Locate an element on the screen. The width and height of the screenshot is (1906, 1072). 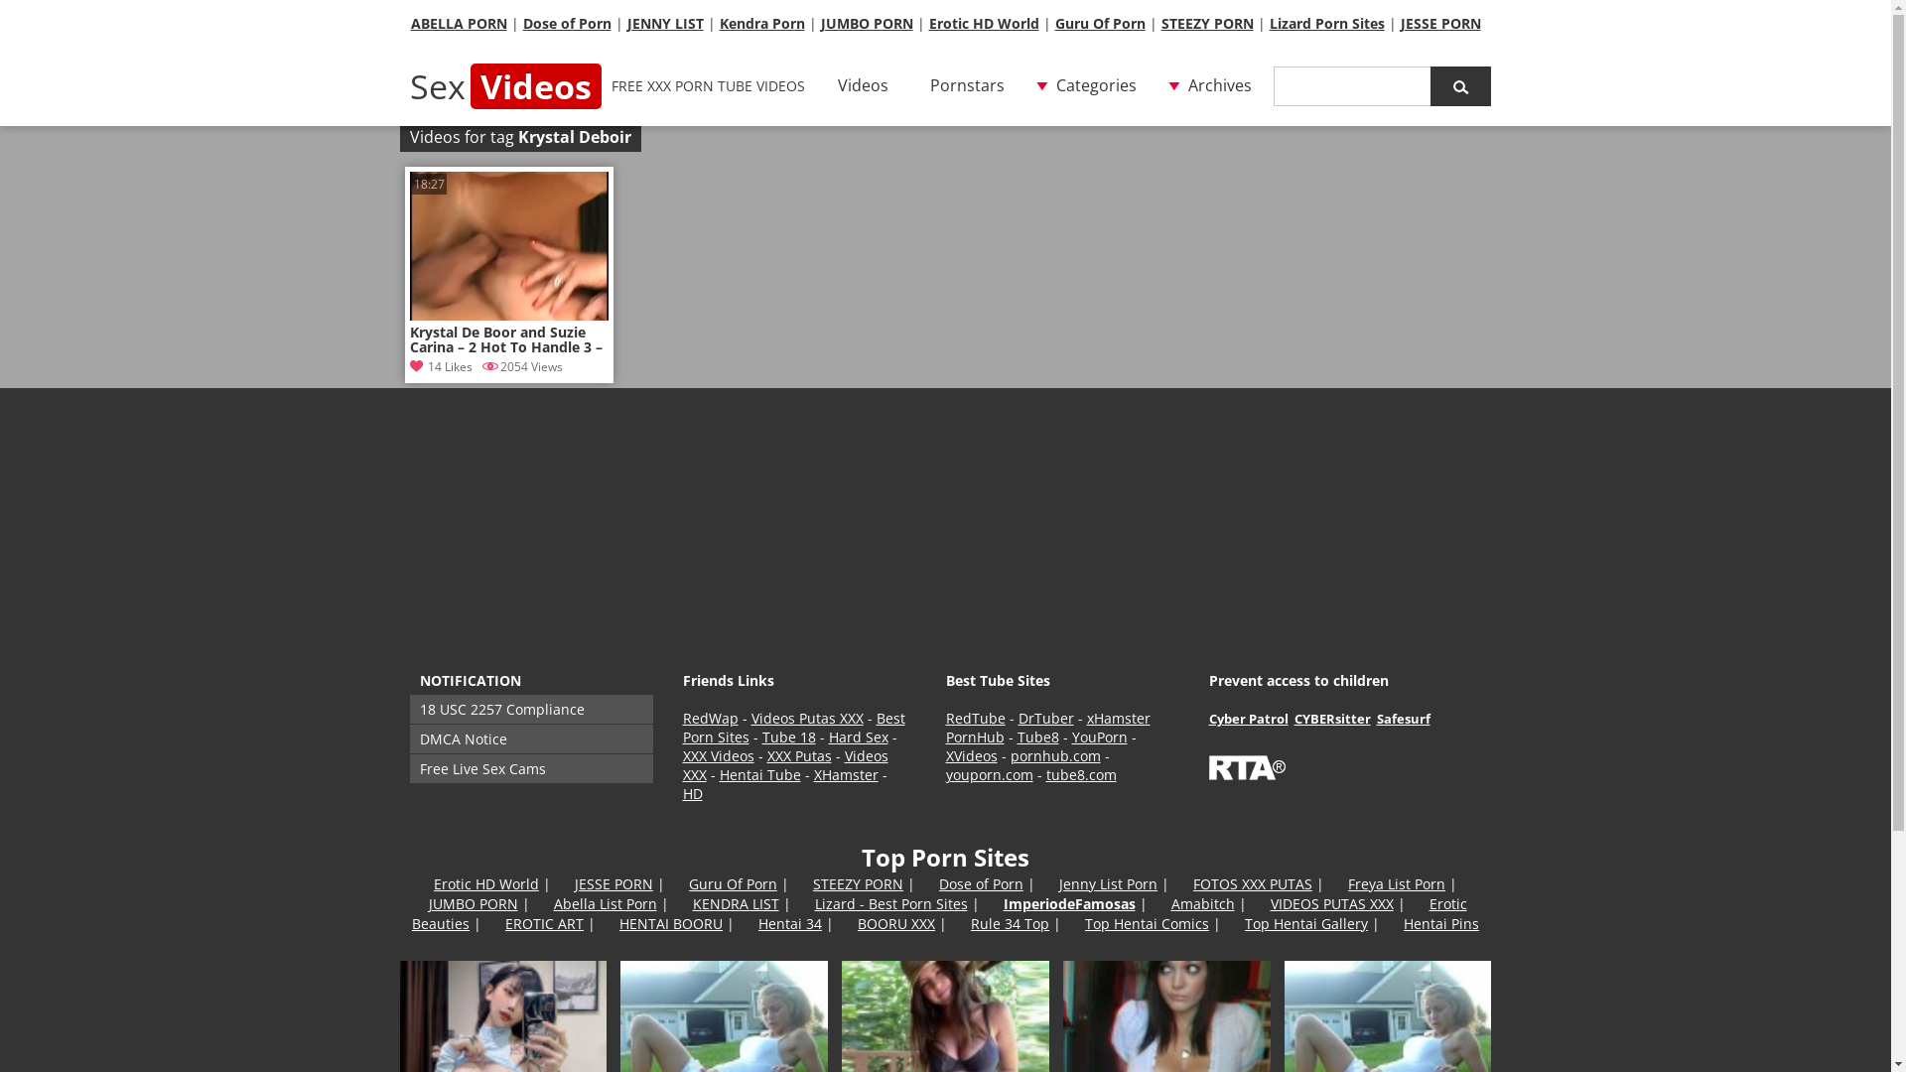
'Guru Of Porn' is located at coordinates (732, 882).